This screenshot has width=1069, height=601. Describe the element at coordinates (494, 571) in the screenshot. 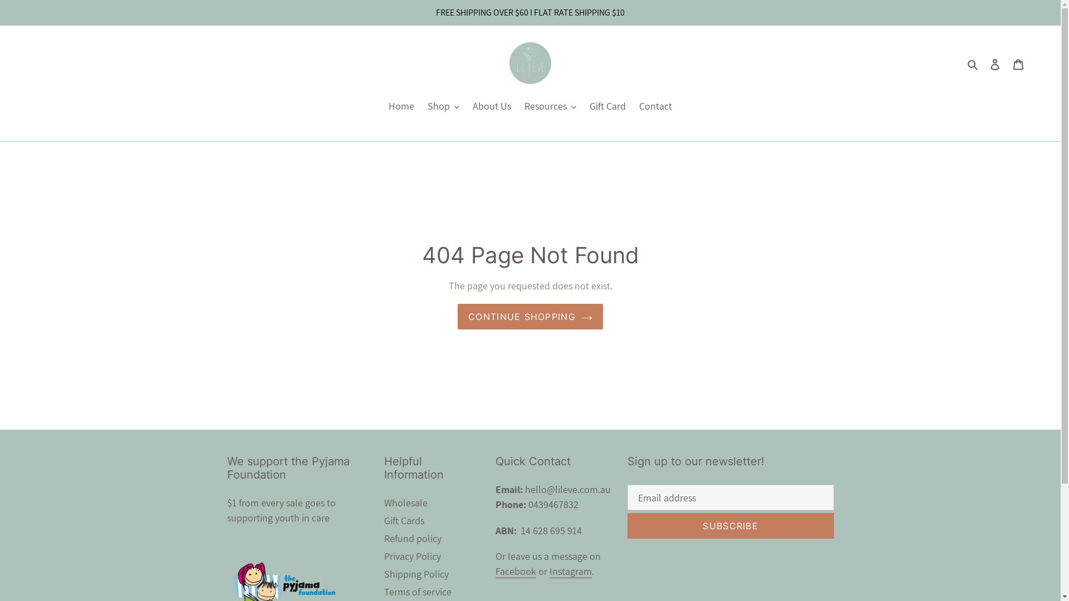

I see `'Facebook'` at that location.